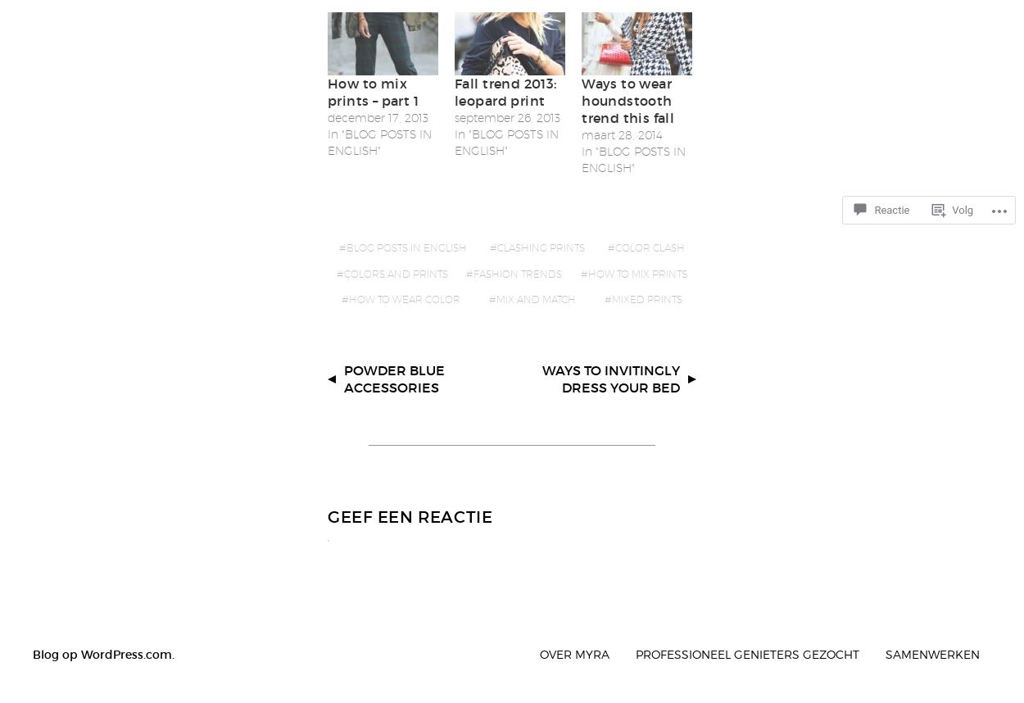  What do you see at coordinates (410, 516) in the screenshot?
I see `'Geef een reactie'` at bounding box center [410, 516].